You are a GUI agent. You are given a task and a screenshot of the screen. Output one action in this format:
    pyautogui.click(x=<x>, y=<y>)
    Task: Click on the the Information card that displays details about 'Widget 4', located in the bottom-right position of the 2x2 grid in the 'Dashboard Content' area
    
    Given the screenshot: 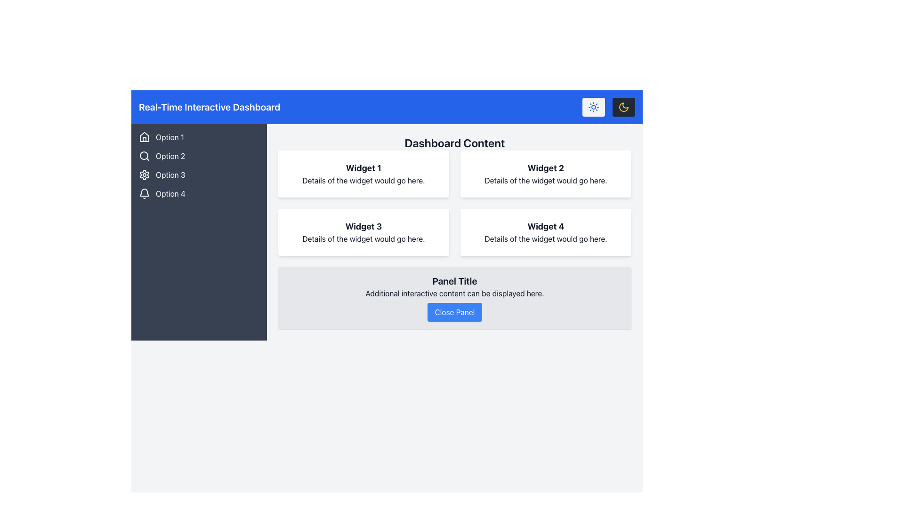 What is the action you would take?
    pyautogui.click(x=546, y=232)
    